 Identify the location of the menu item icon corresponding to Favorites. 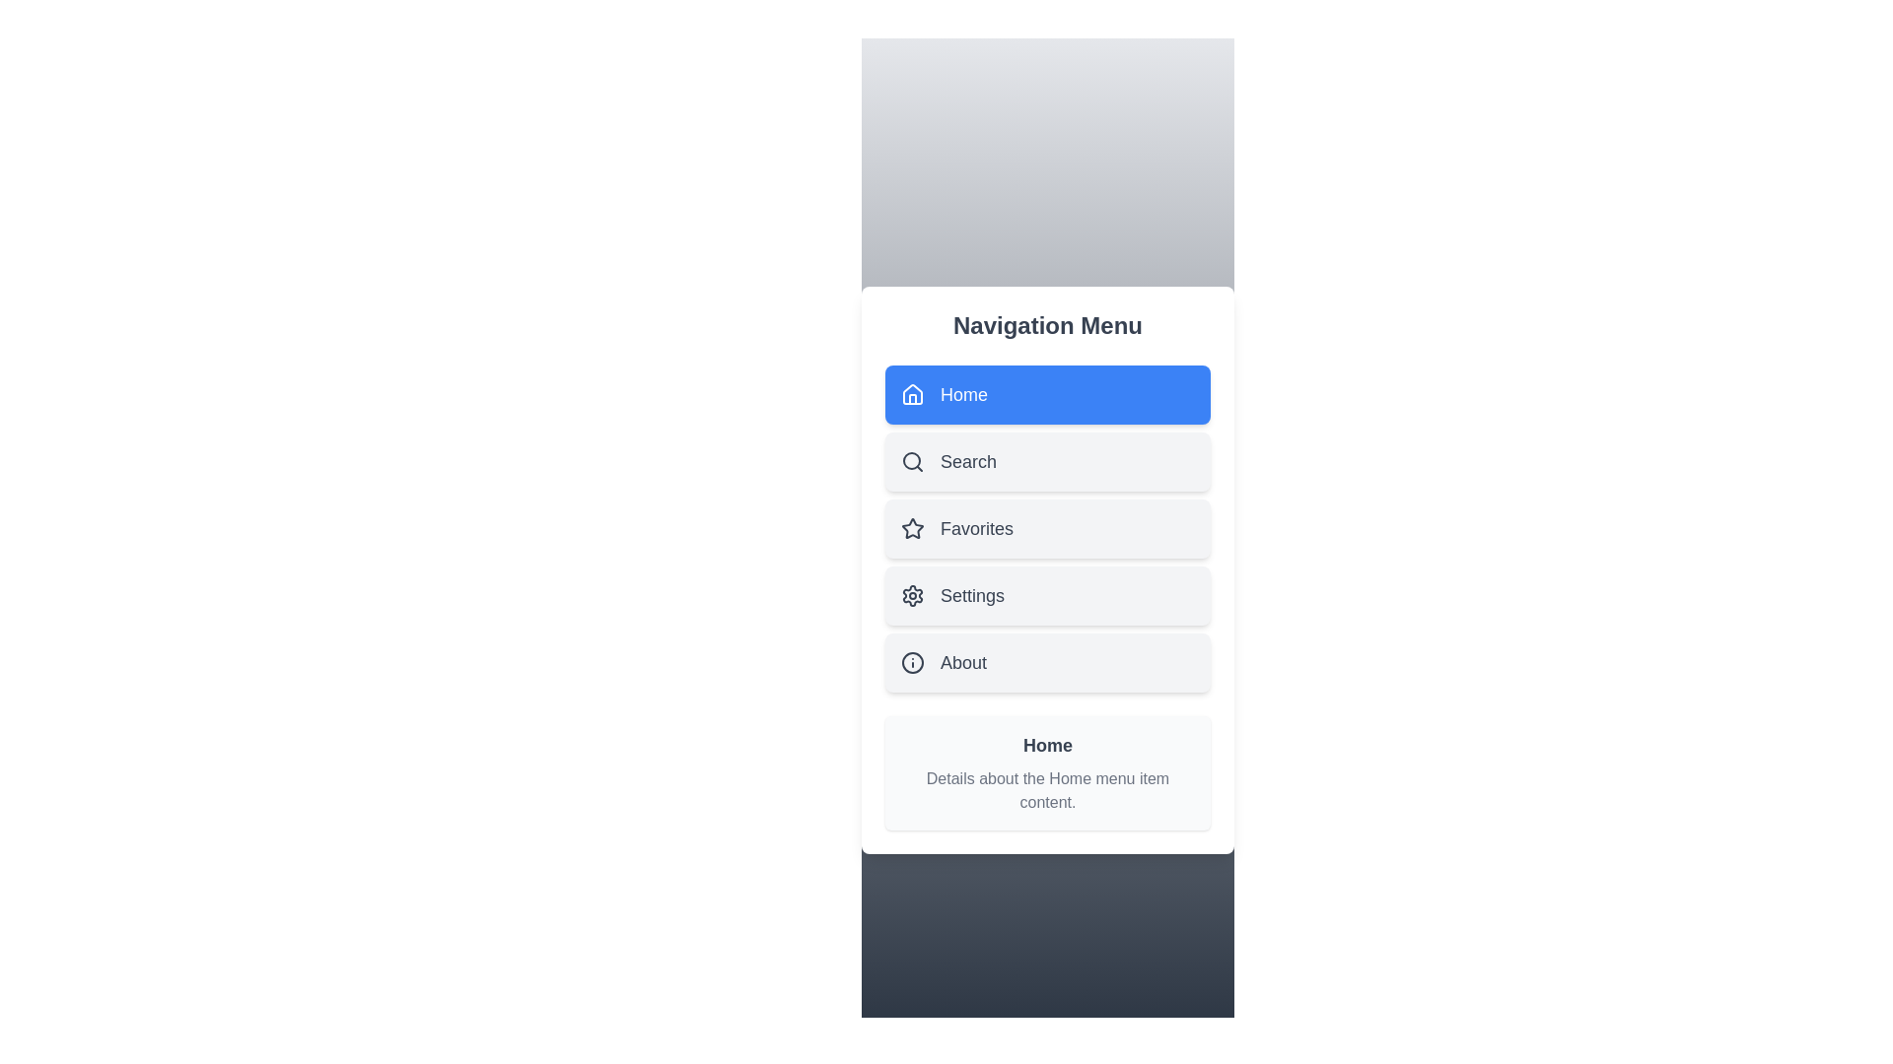
(912, 527).